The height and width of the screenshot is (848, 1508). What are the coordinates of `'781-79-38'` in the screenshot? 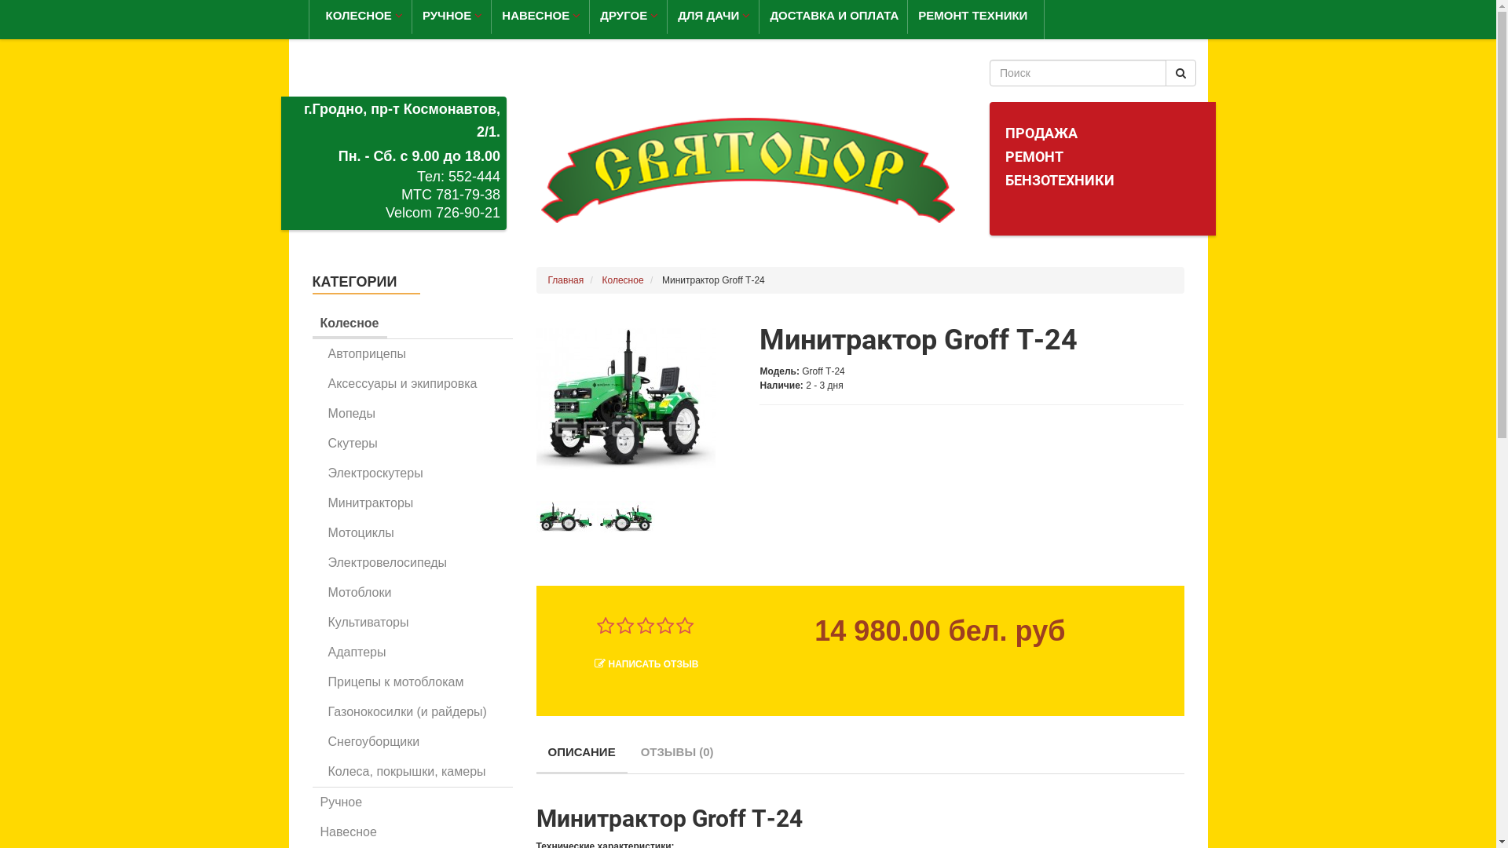 It's located at (467, 193).